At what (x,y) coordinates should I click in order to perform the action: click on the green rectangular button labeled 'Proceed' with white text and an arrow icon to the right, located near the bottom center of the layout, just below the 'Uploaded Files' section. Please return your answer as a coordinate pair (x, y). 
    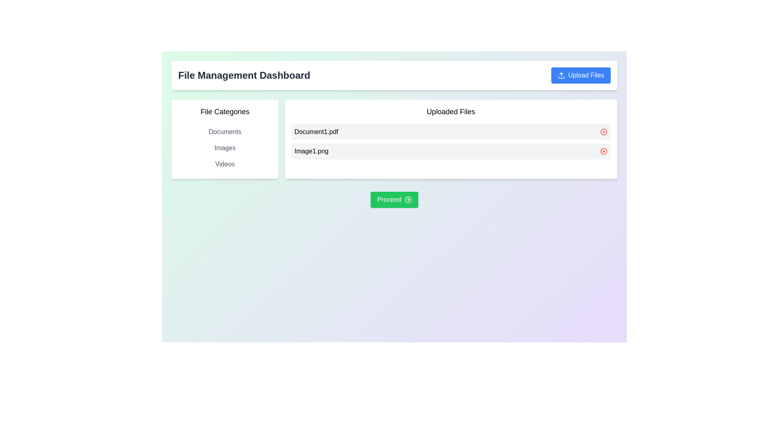
    Looking at the image, I should click on (394, 199).